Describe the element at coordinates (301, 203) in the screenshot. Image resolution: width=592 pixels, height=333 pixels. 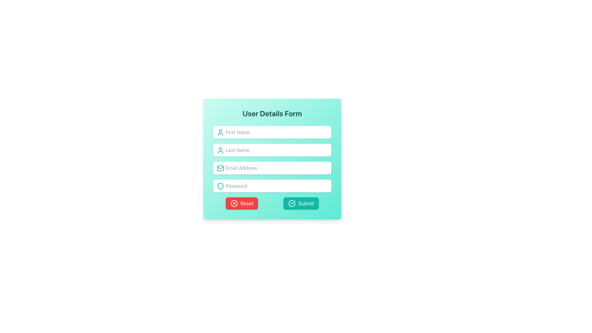
I see `the teal 'Submit' button with rounded corners and a checkmark icon` at that location.